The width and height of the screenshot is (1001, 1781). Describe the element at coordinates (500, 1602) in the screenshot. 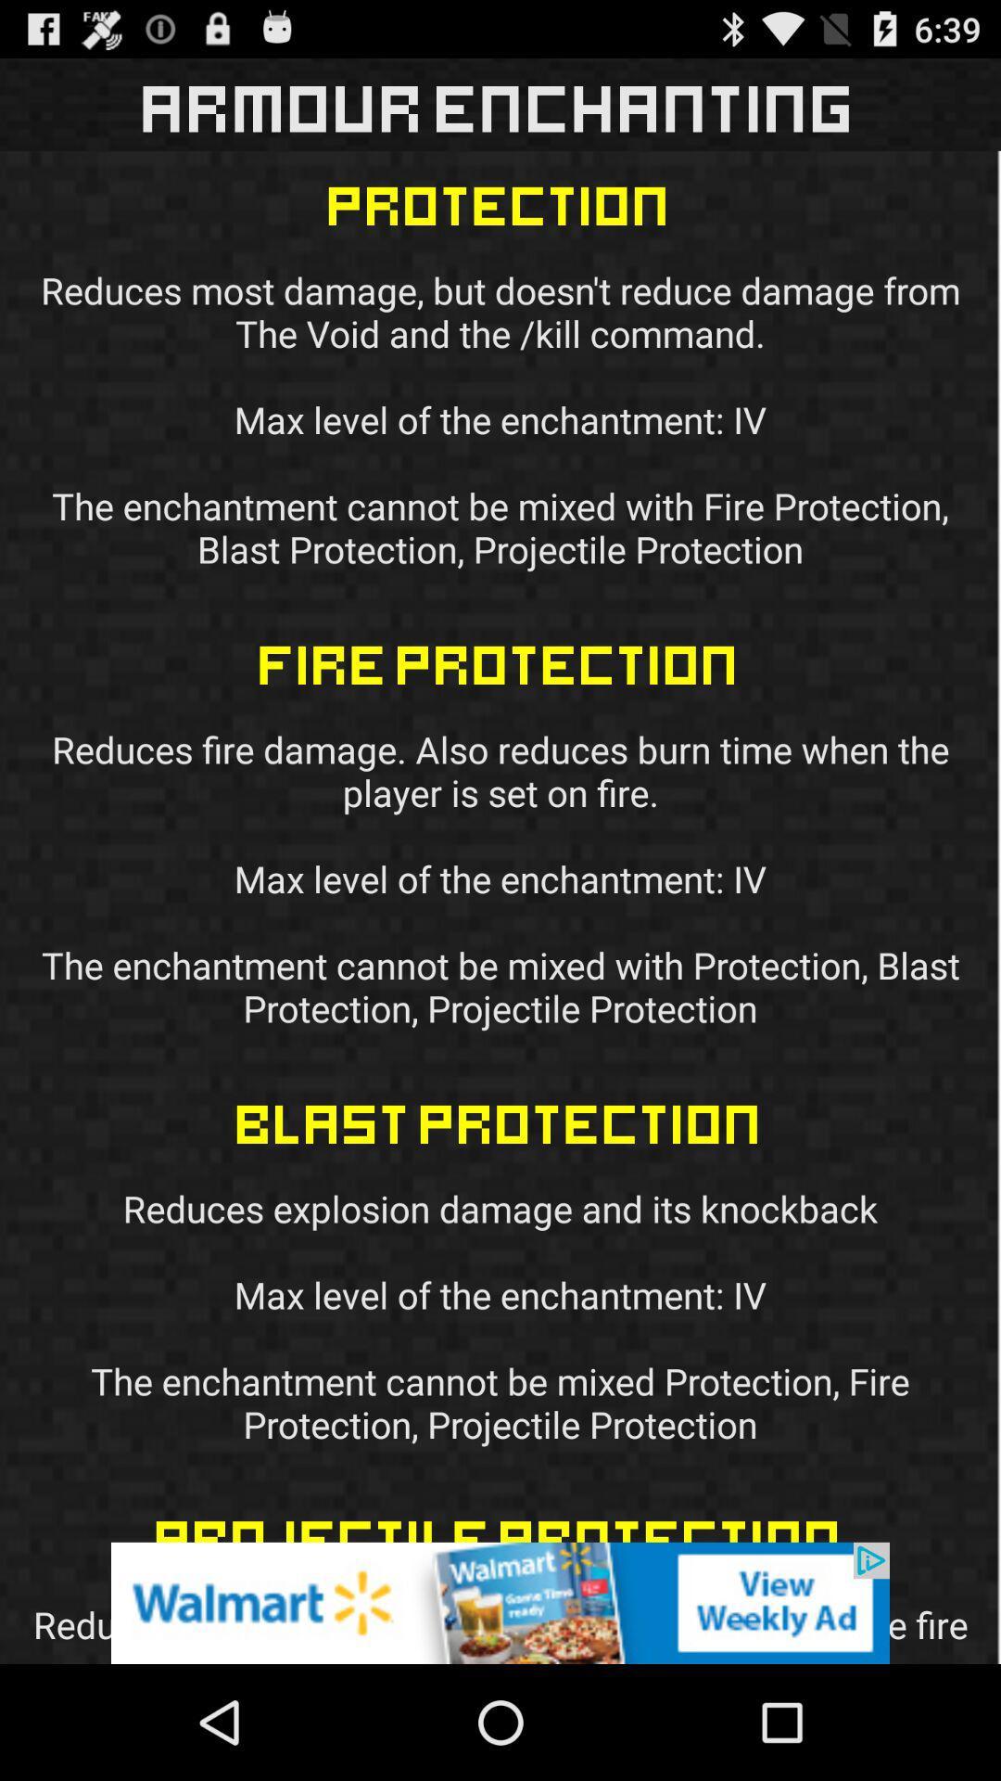

I see `advertisement website` at that location.